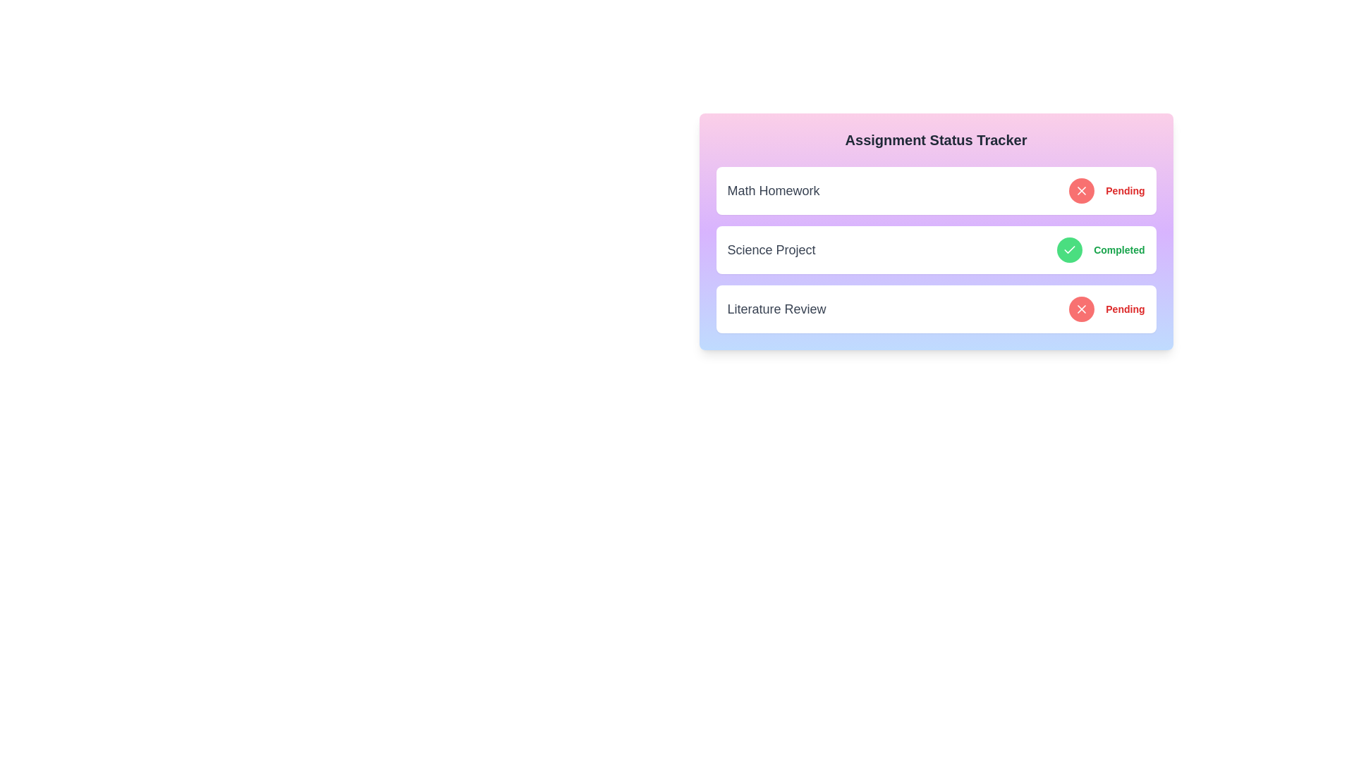 The image size is (1354, 761). Describe the element at coordinates (773, 190) in the screenshot. I see `the title of the assignment Math Homework` at that location.